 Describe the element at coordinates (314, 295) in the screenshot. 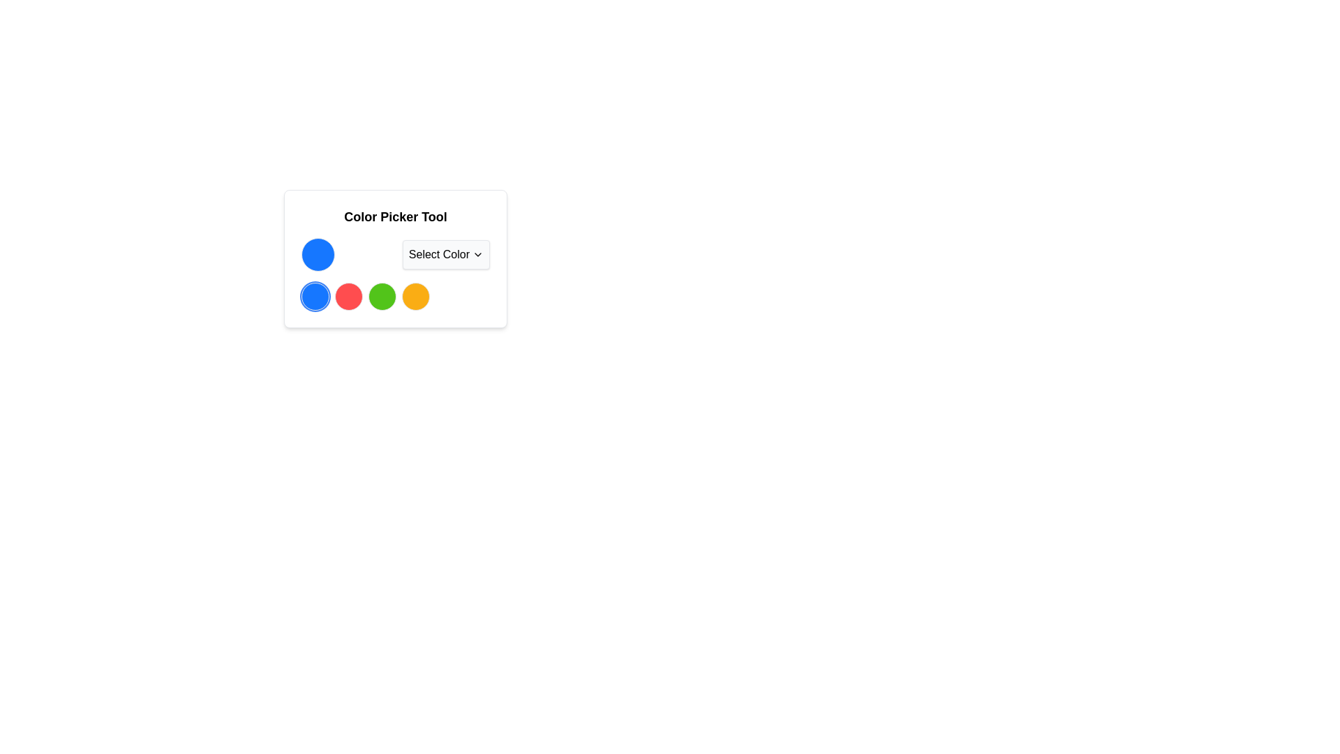

I see `the first circular Selectable Color Option with a blue fill and white ring` at that location.